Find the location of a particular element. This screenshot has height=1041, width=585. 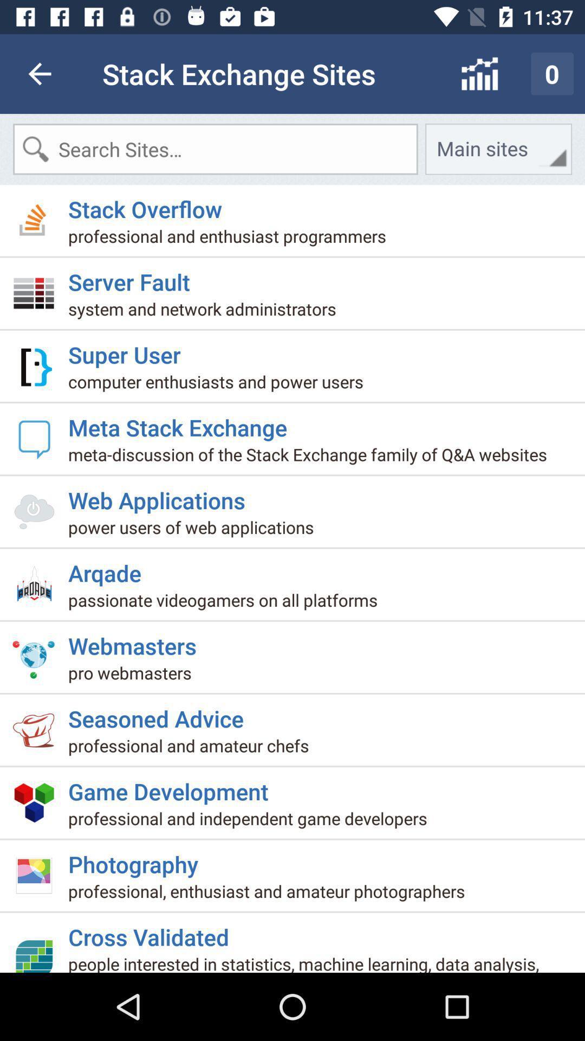

the passionate videogamers on is located at coordinates (226, 603).